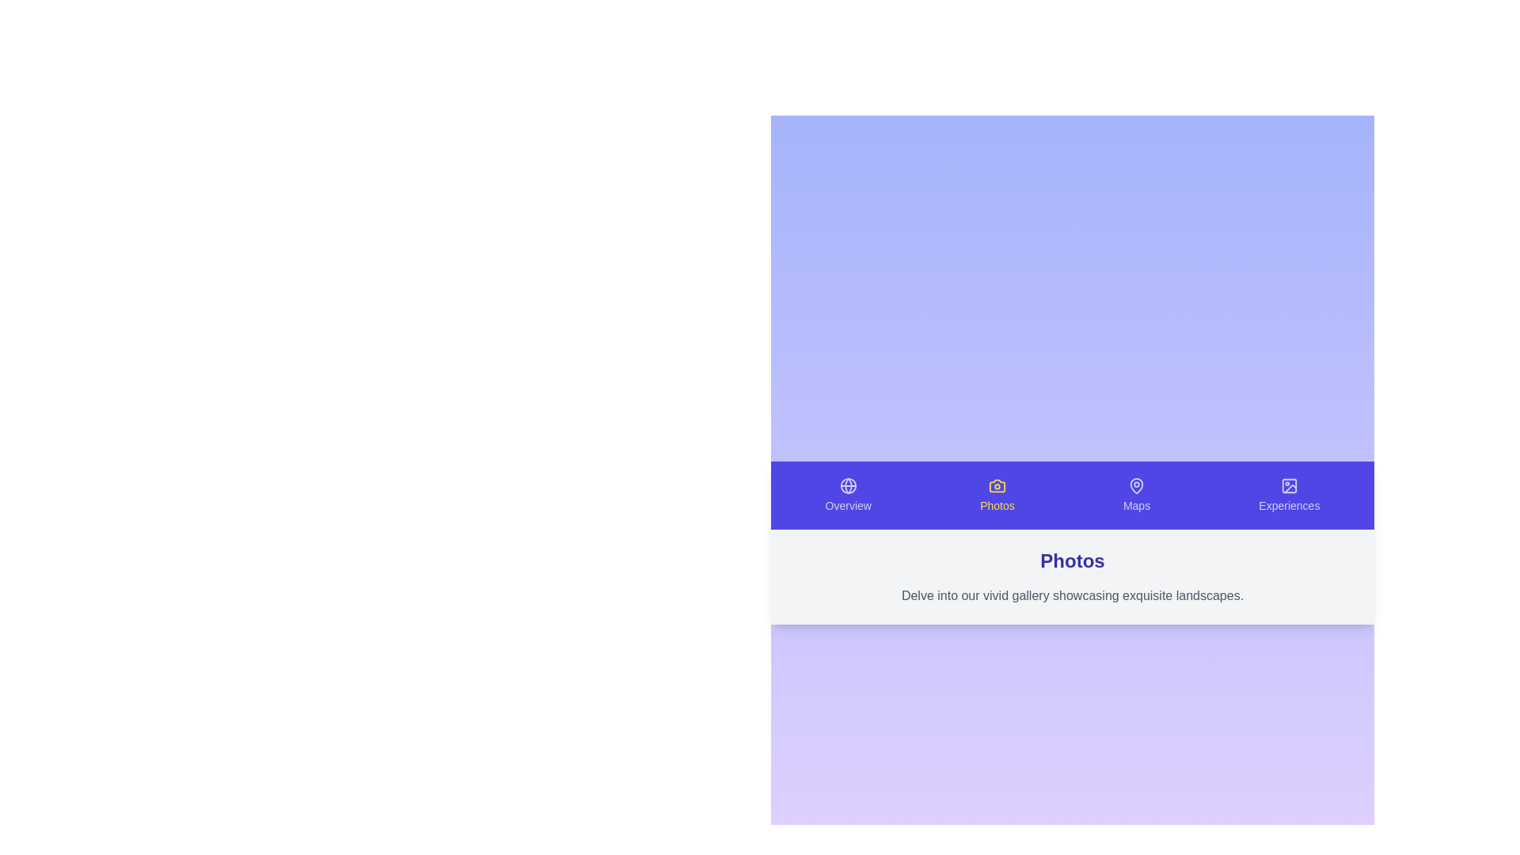 This screenshot has height=855, width=1520. I want to click on the tab labeled Maps, so click(1135, 494).